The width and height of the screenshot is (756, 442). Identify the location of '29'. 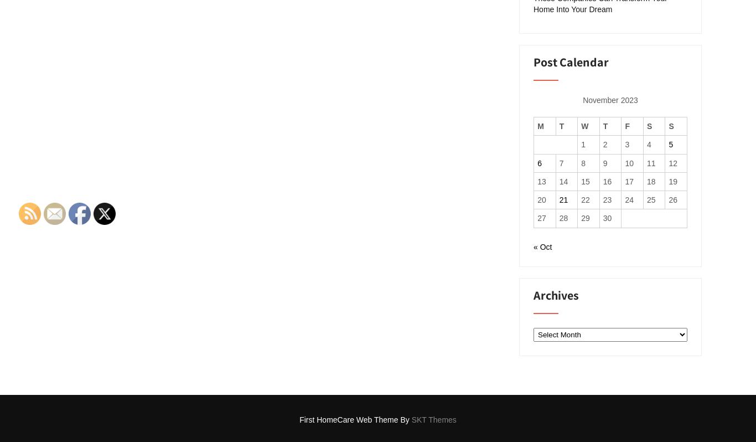
(584, 218).